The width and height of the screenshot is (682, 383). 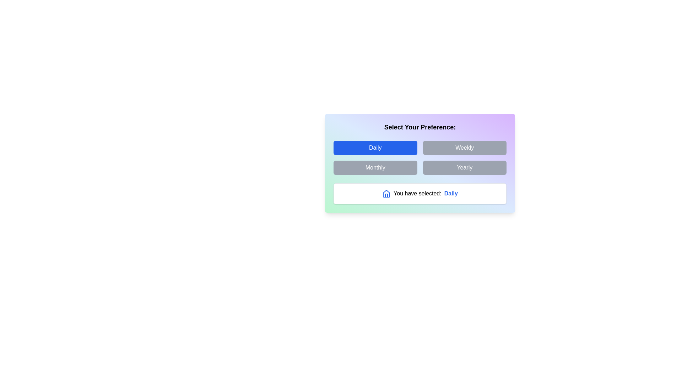 What do you see at coordinates (465, 168) in the screenshot?
I see `the 'Yearly' button, a rectangular button with rounded corners and white text against a gray background, located at the bottom right of a grid layout of four buttons` at bounding box center [465, 168].